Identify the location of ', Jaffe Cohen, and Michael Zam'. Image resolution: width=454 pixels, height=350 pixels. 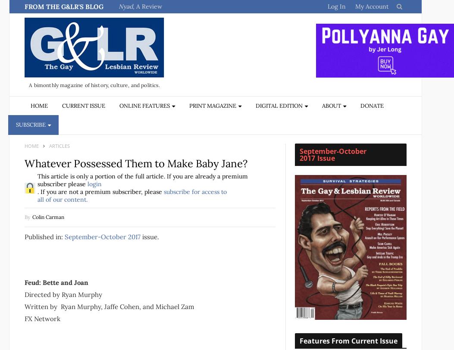
(147, 306).